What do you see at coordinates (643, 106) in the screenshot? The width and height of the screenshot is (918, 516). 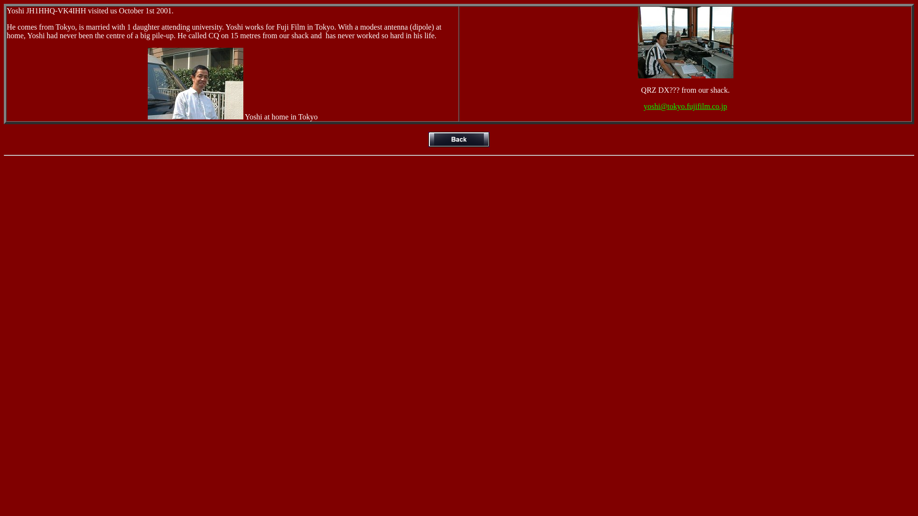 I see `'yoshi@tokyo.fujifilm.co.jp'` at bounding box center [643, 106].